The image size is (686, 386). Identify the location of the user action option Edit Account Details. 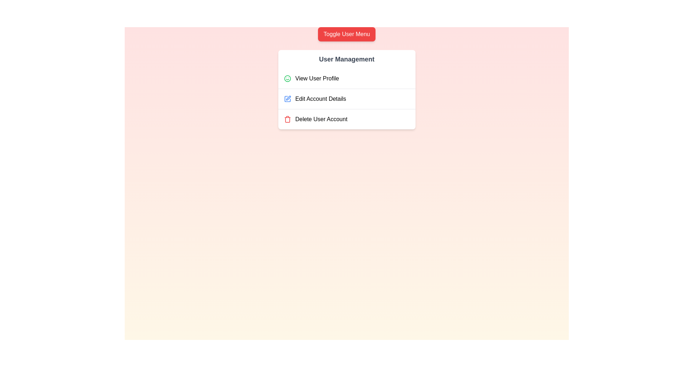
(347, 99).